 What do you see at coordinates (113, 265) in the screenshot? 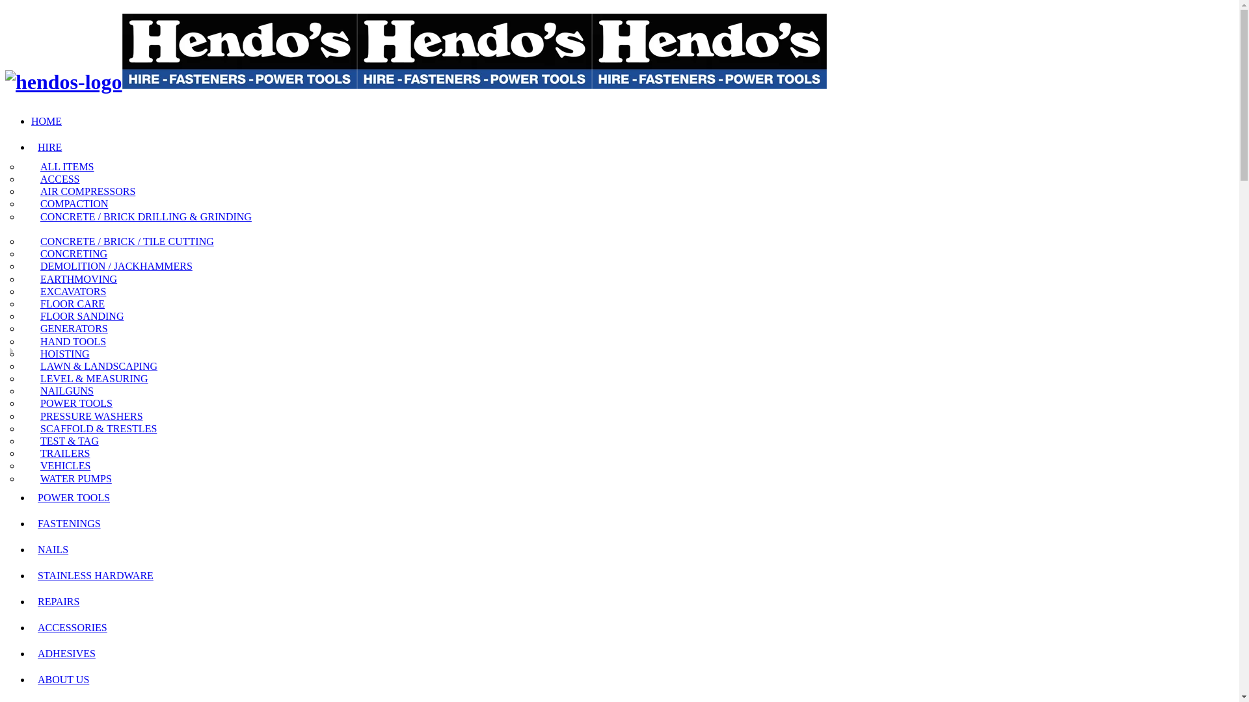
I see `'DEMOLITION / JACKHAMMERS'` at bounding box center [113, 265].